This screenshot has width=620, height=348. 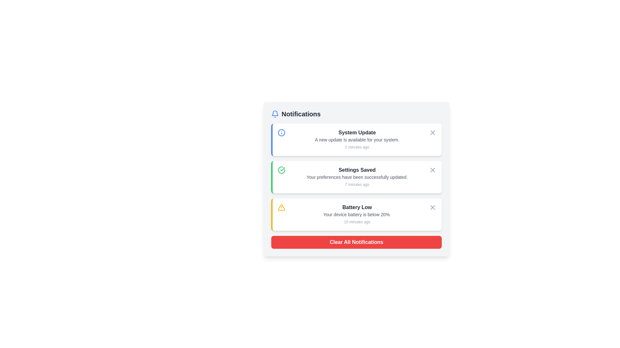 I want to click on notification message indicating the device's low battery level, located in the third row of the notification panel below 'Settings Saved.', so click(x=356, y=215).